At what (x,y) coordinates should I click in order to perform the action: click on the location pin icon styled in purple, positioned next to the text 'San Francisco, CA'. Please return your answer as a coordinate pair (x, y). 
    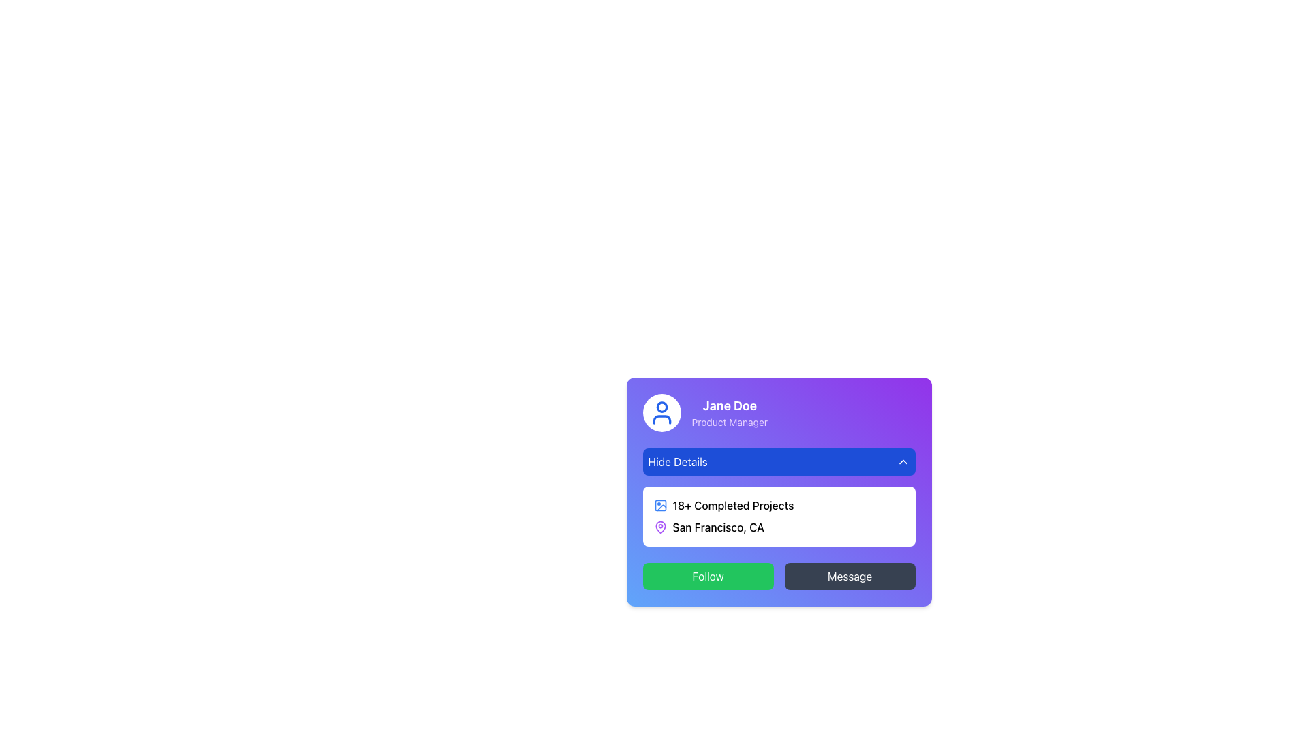
    Looking at the image, I should click on (660, 527).